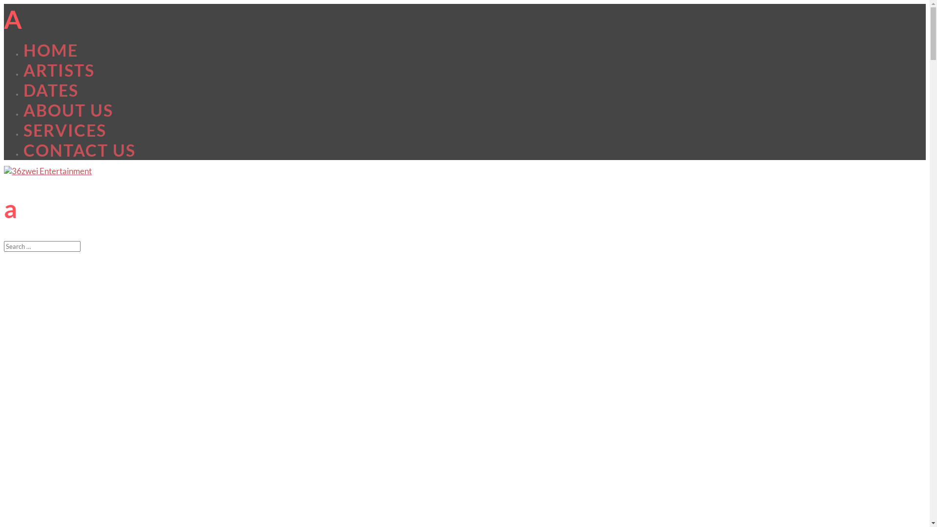 This screenshot has width=937, height=527. What do you see at coordinates (50, 50) in the screenshot?
I see `'HOME'` at bounding box center [50, 50].